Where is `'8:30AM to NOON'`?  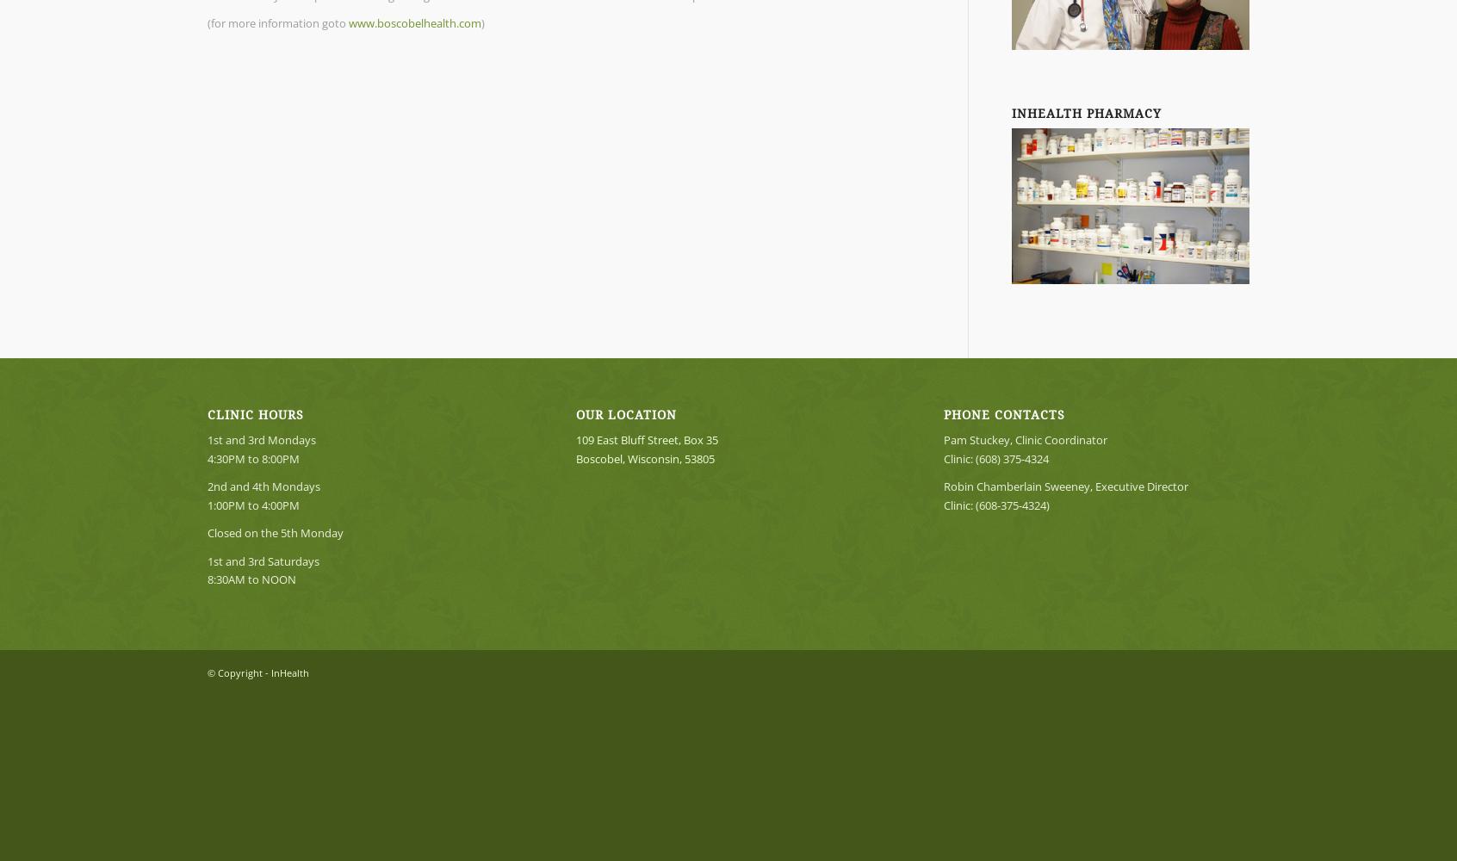
'8:30AM to NOON' is located at coordinates (207, 579).